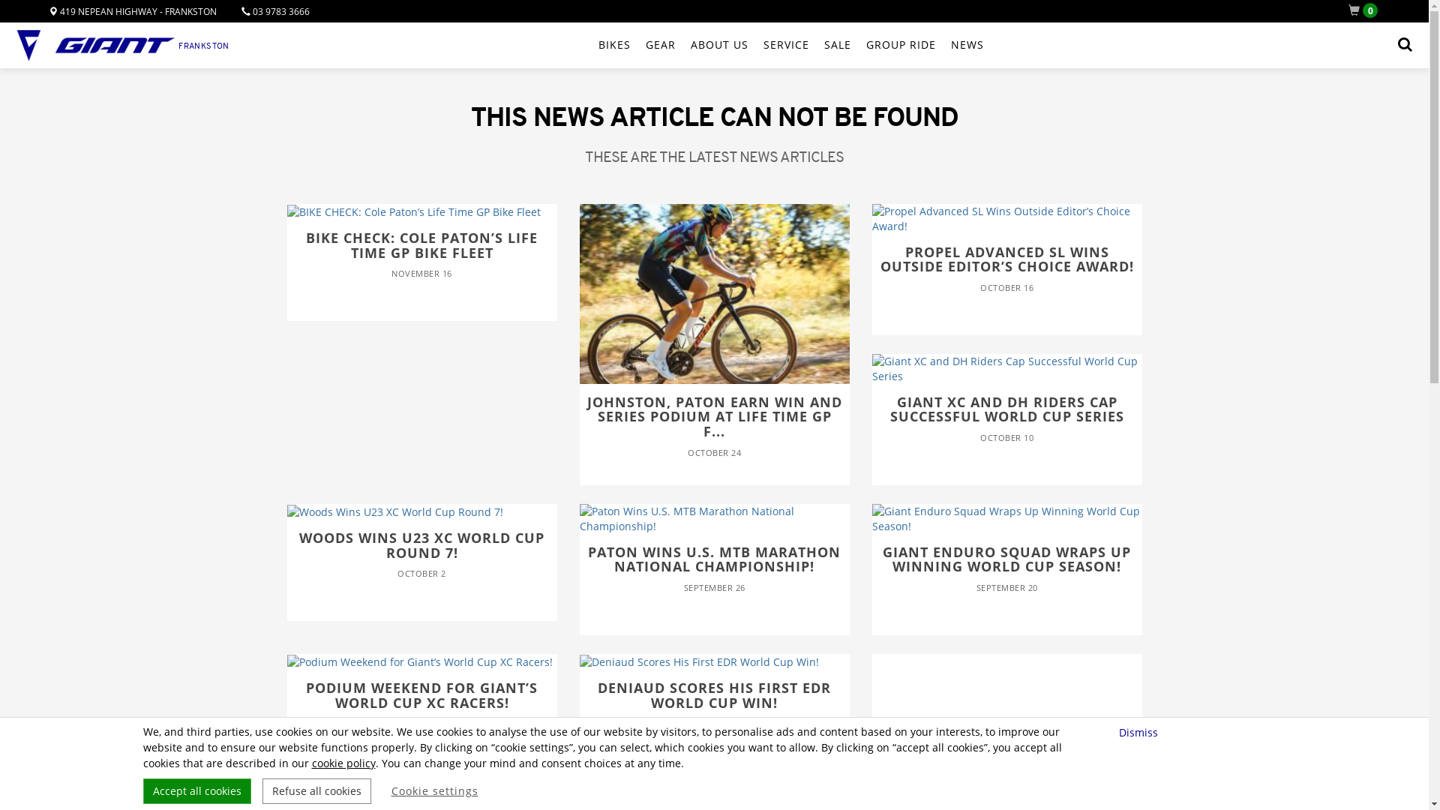 This screenshot has width=1440, height=810. Describe the element at coordinates (718, 44) in the screenshot. I see `'ABOUT US'` at that location.